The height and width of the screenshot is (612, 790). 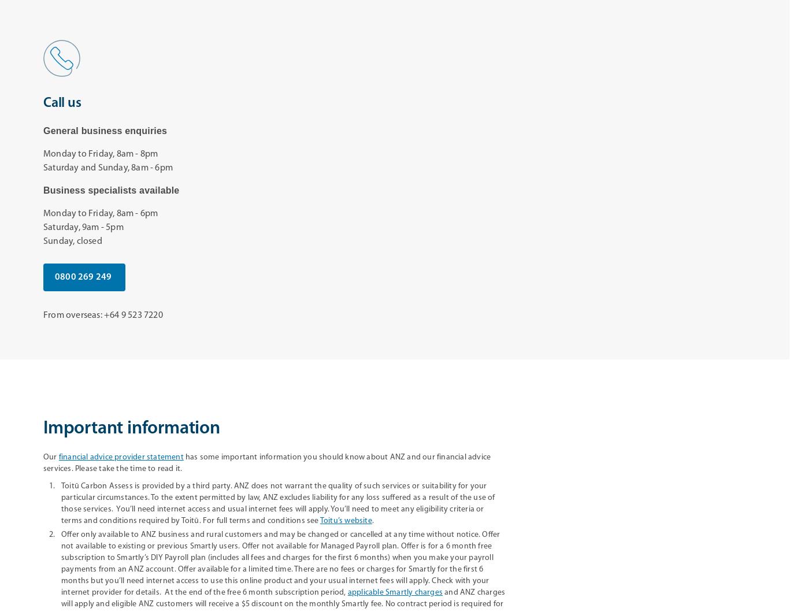 I want to click on 'Saturday and Sunday, 8am - 6pm', so click(x=107, y=167).